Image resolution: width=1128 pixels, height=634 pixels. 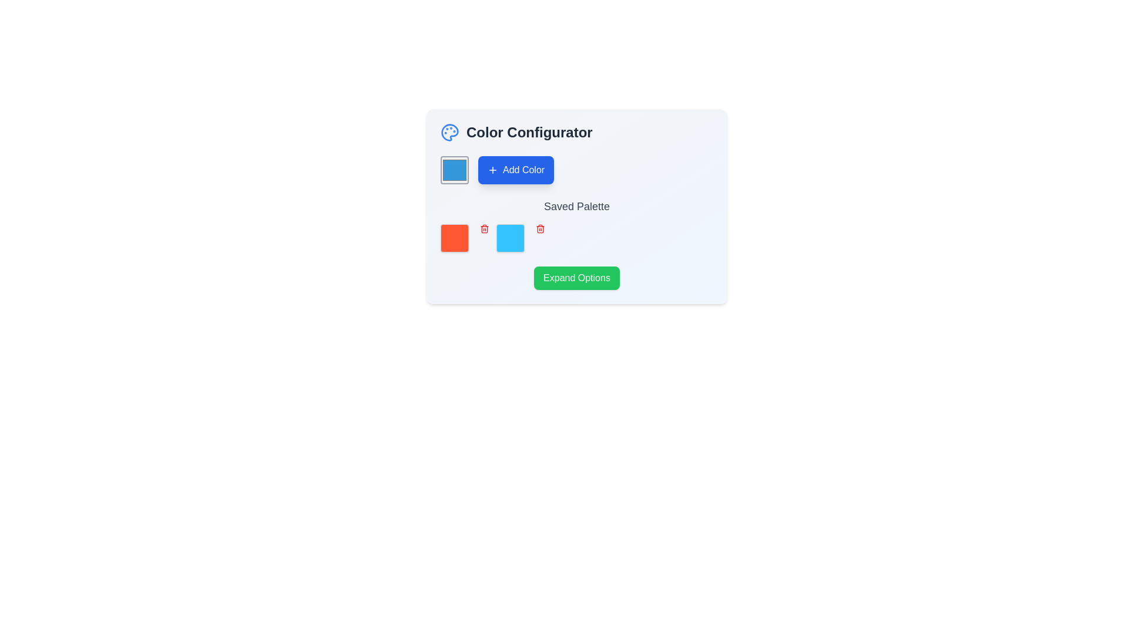 I want to click on the Color Swatch located in the first position from the left under the 'Saved Palette' label, so click(x=464, y=238).